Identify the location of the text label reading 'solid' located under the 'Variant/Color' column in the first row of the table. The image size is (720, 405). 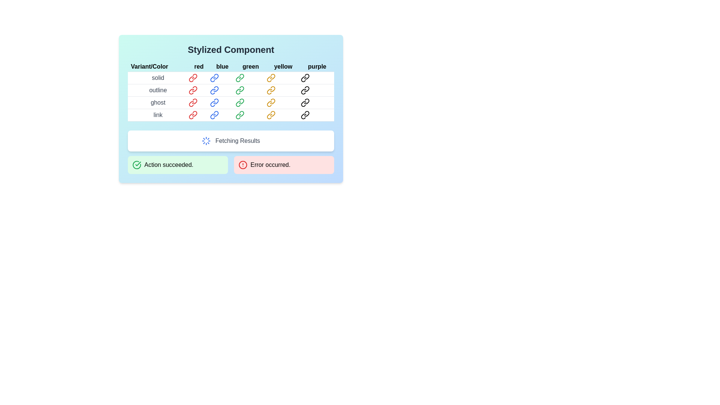
(157, 78).